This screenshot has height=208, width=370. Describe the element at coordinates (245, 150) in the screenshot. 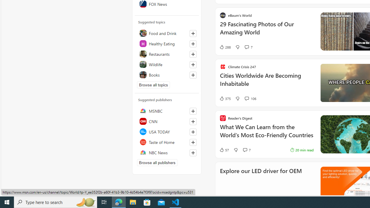

I see `'View comments 7 Comment'` at that location.